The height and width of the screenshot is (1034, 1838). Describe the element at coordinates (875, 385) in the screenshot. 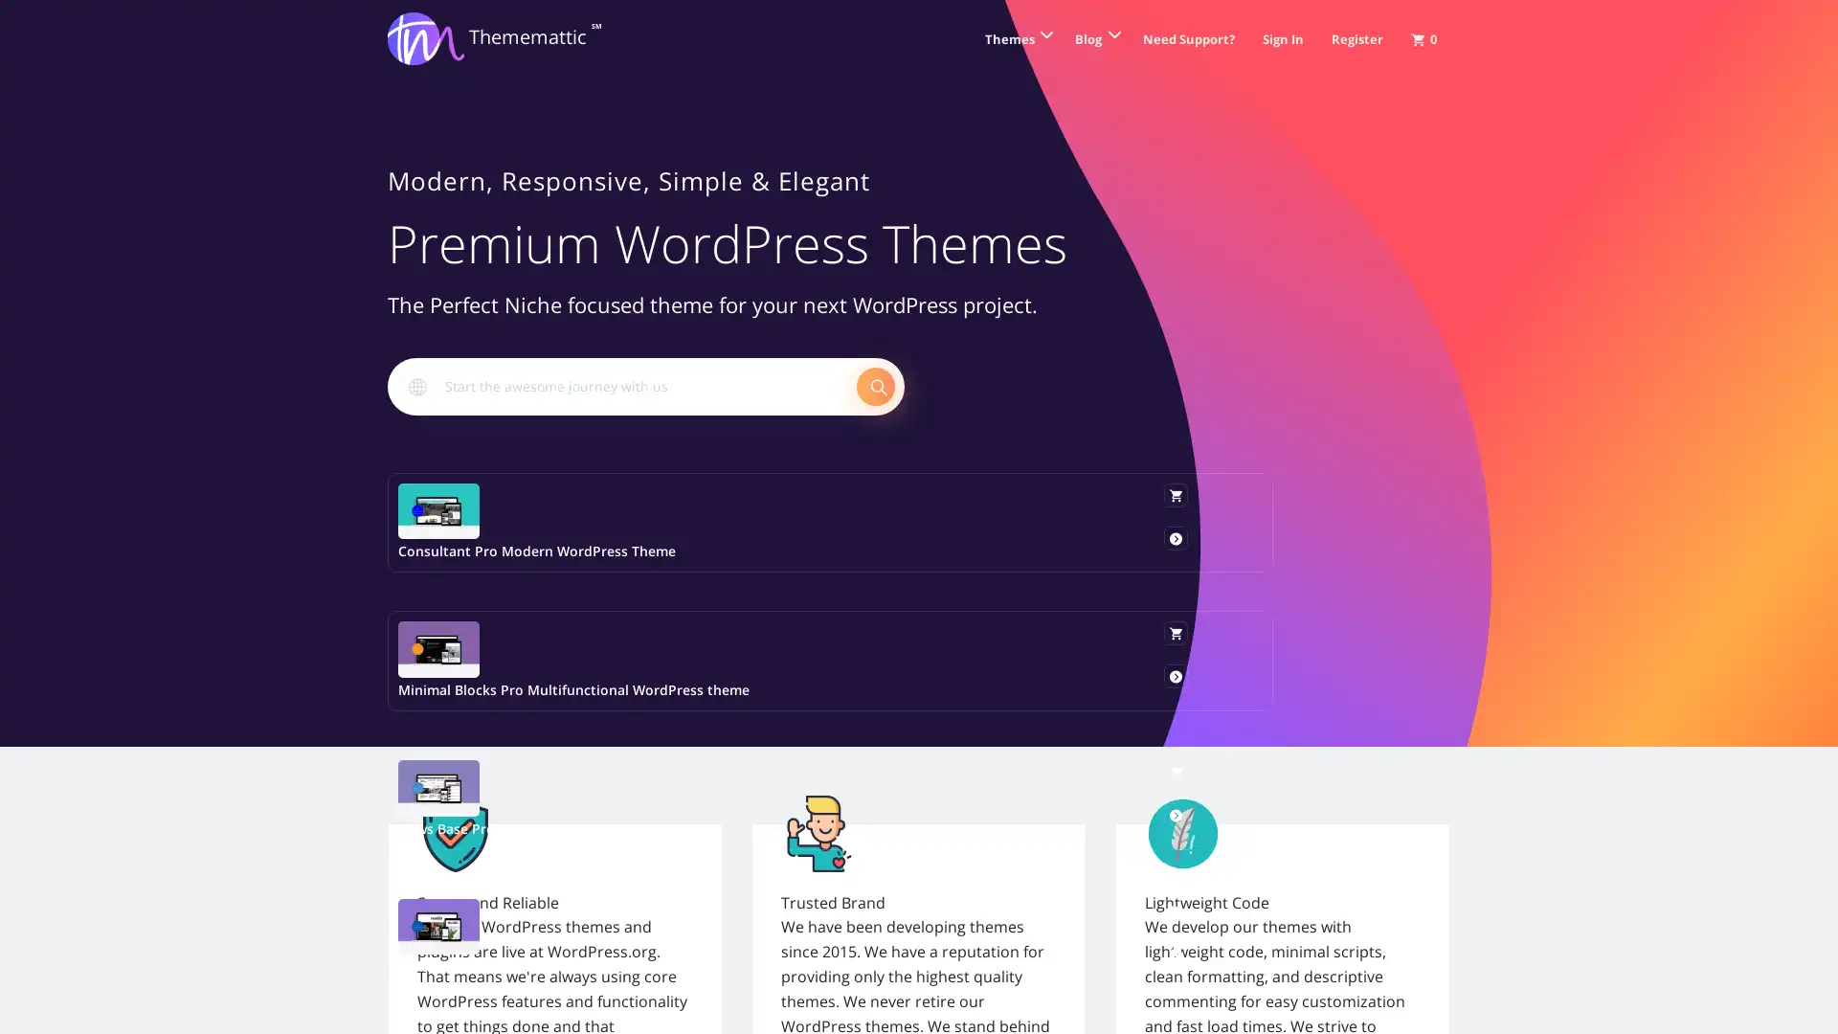

I see `search` at that location.